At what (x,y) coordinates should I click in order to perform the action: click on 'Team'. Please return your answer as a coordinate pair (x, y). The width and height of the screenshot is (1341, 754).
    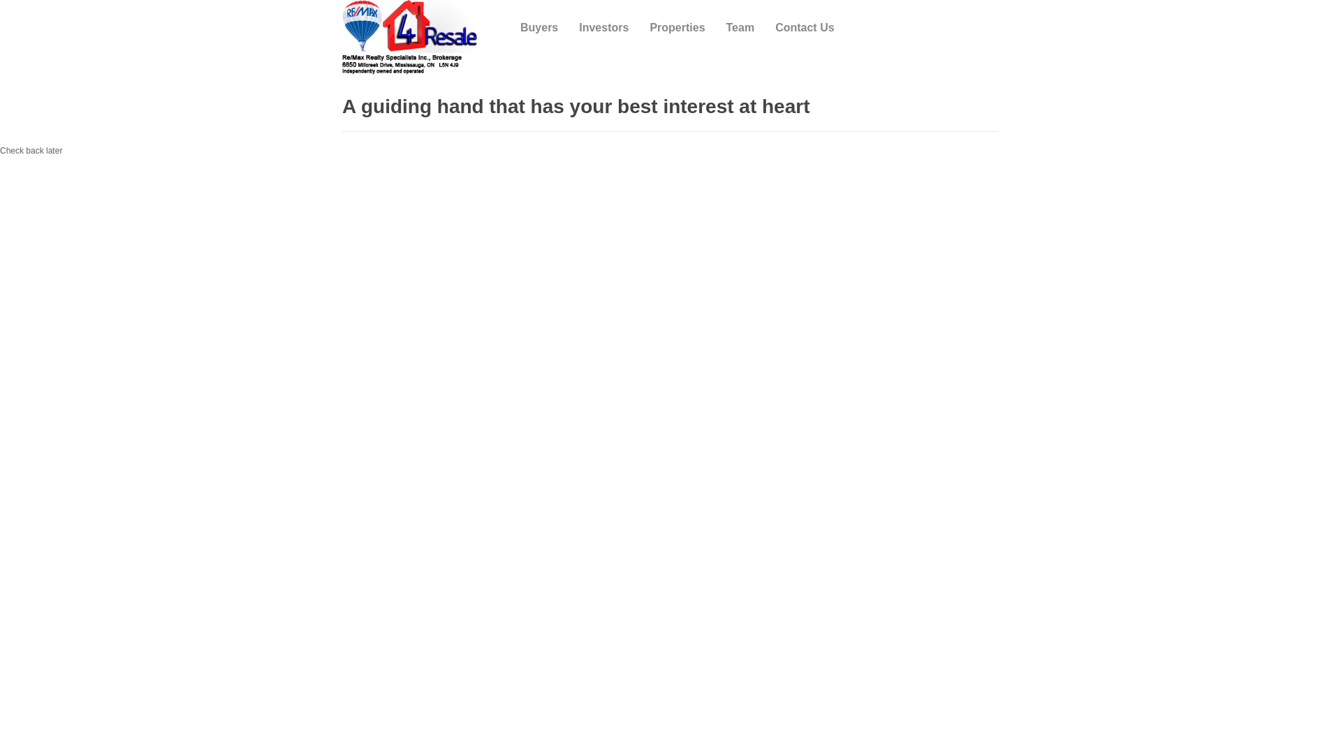
    Looking at the image, I should click on (740, 27).